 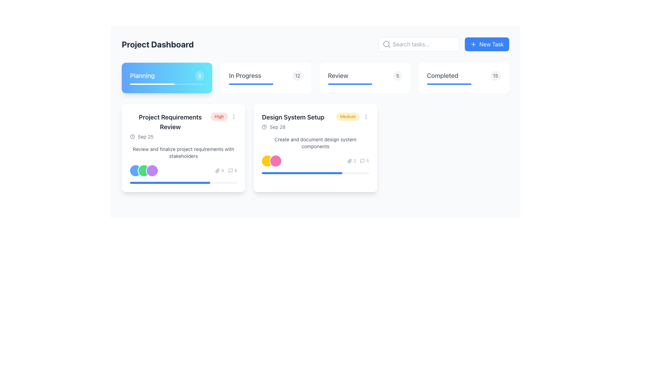 What do you see at coordinates (315, 121) in the screenshot?
I see `text information from the Task summary header titled 'Design System Setup' located in the top right quadrant of the card, which includes the date 'Sep 28' and the difficulty level badge 'Medium'` at bounding box center [315, 121].